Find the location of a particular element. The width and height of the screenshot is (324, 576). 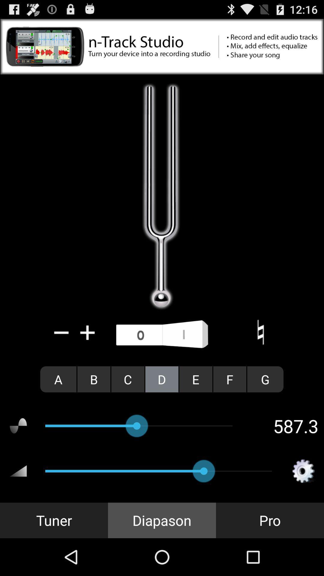

the app above the 587.3 is located at coordinates (229, 379).